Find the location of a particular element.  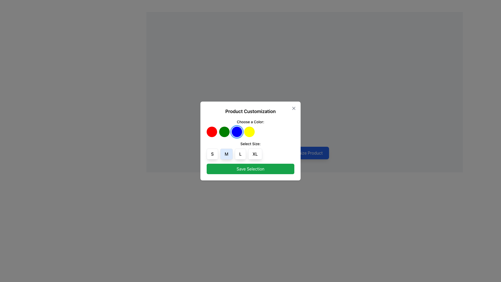

the title text label of the modal that indicates product customization options, located at the top section of the window is located at coordinates (250, 111).